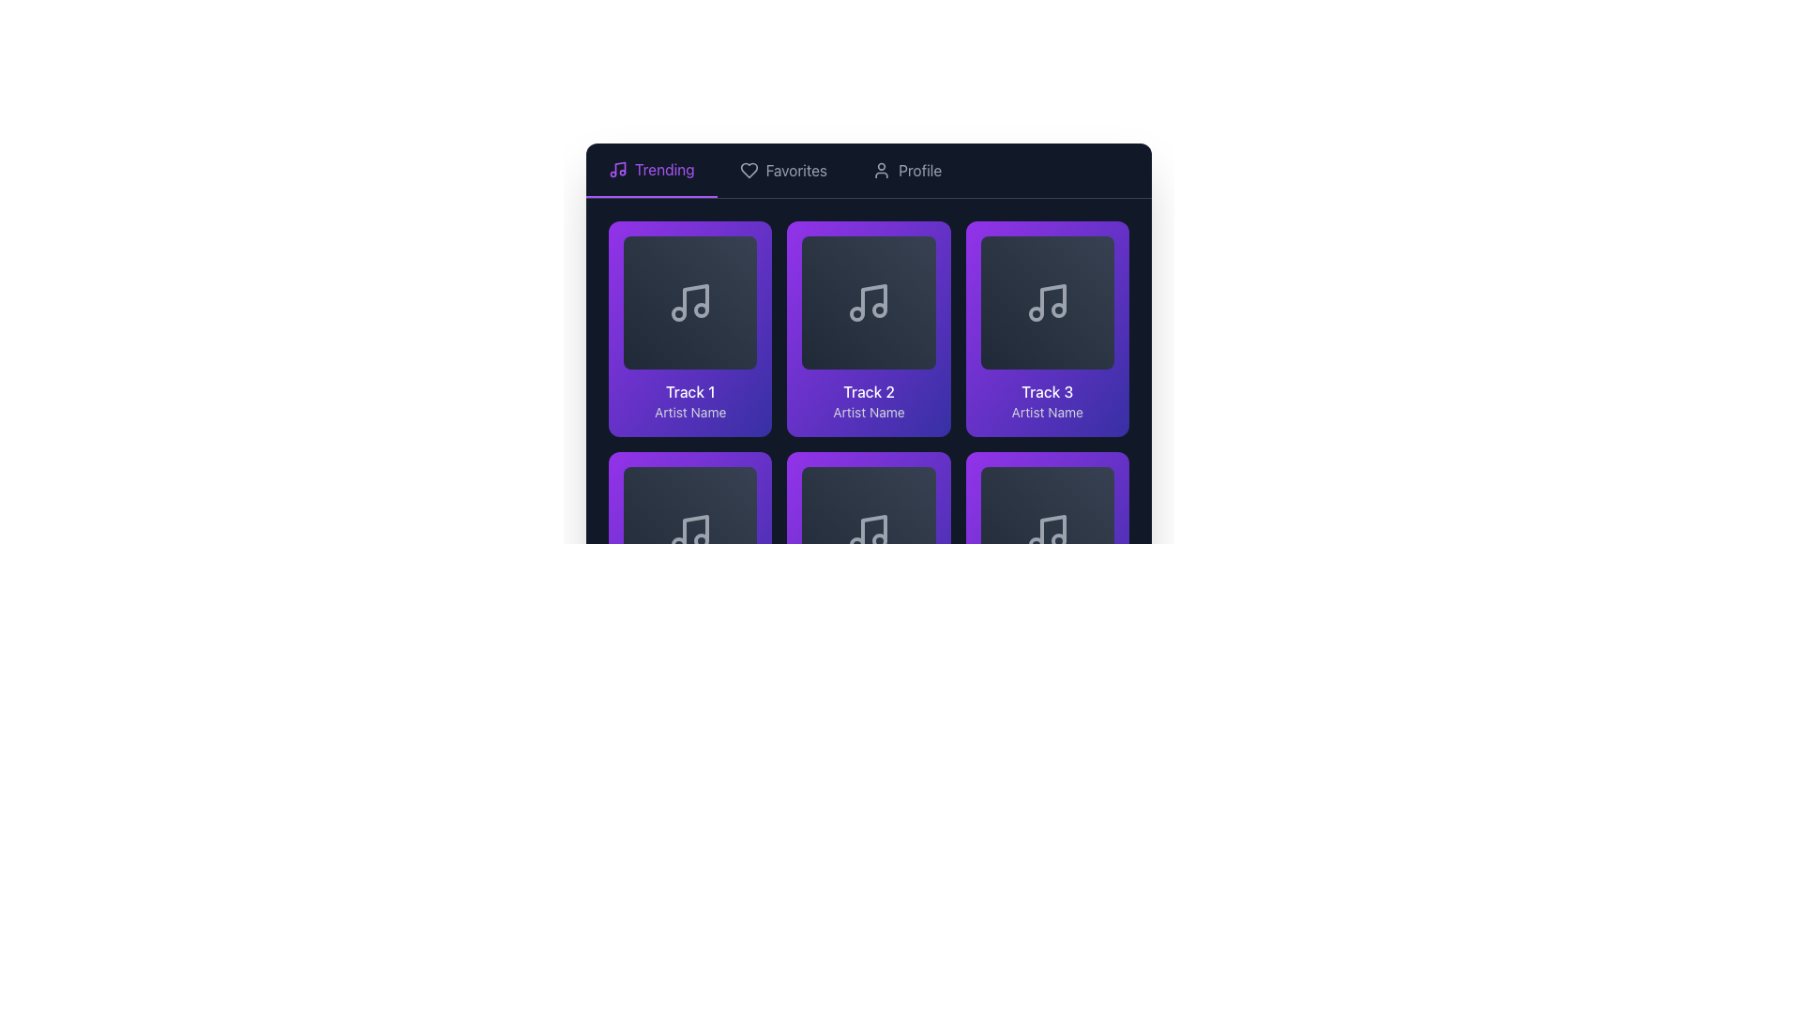 The width and height of the screenshot is (1801, 1013). Describe the element at coordinates (1046, 391) in the screenshot. I see `the Text Label displaying 'Track 3' which is styled in white font on a purple background, located in the third column of the grid layout at the top row of the music tracks section` at that location.